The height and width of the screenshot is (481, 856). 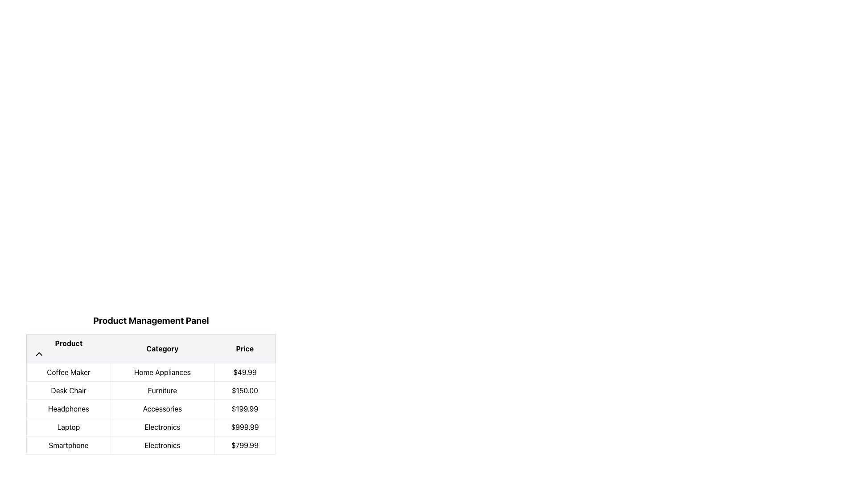 What do you see at coordinates (245, 390) in the screenshot?
I see `the static text display cell that shows the price '$150.00', which is centered in the third column of the second row of the table labeled 'Price'` at bounding box center [245, 390].